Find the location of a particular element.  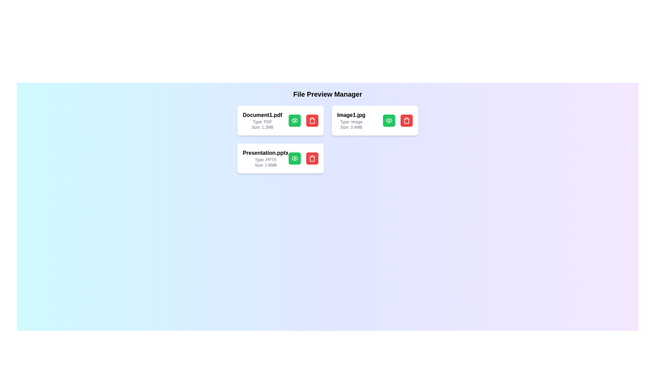

text label displaying 'Type: PDF', which is styled in gray and positioned below the file name 'Document1.pdf' in the file preview card is located at coordinates (262, 122).